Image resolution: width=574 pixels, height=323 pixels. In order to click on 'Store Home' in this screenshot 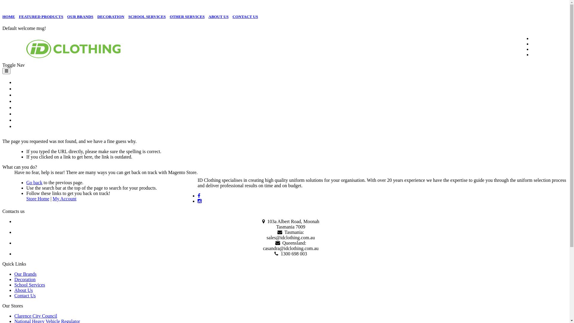, I will do `click(37, 199)`.